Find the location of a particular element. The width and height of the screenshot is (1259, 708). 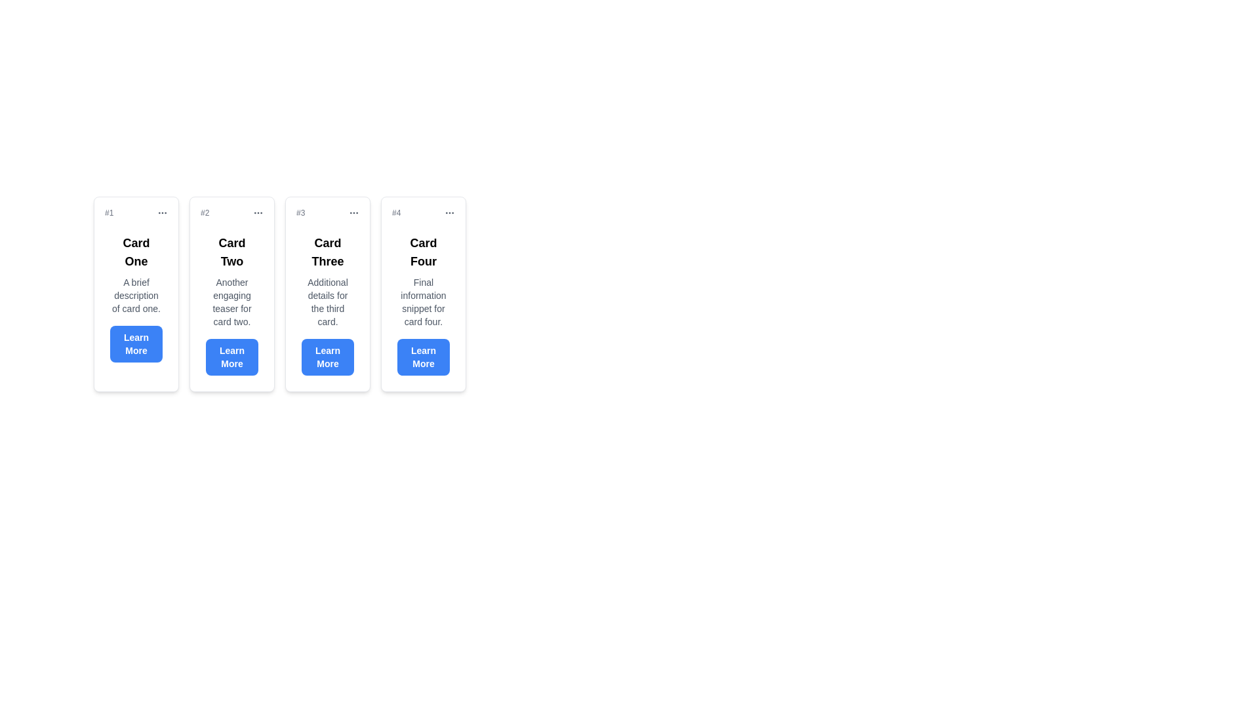

the static text paragraph located within 'Card Four', which provides additional descriptive information about the card is located at coordinates (424, 302).